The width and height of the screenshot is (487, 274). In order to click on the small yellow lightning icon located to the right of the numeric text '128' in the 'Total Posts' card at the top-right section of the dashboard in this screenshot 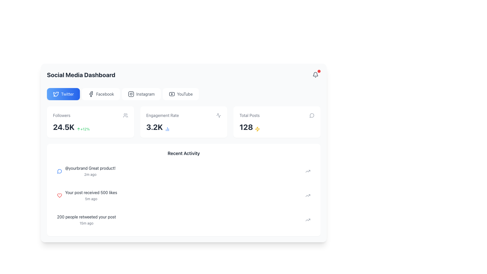, I will do `click(257, 129)`.